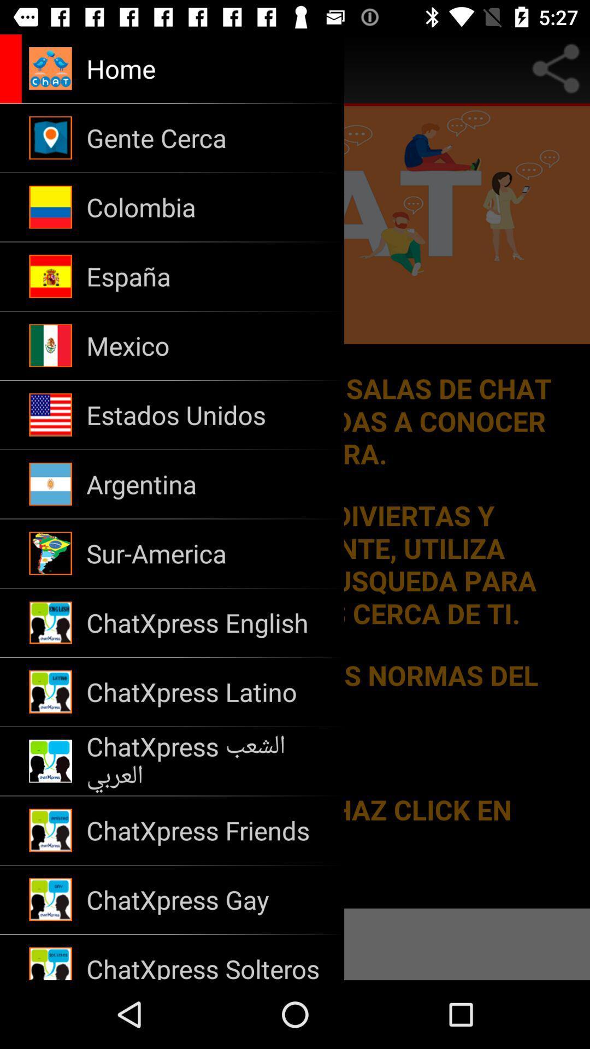  What do you see at coordinates (208, 207) in the screenshot?
I see `app below the gente cerca icon` at bounding box center [208, 207].